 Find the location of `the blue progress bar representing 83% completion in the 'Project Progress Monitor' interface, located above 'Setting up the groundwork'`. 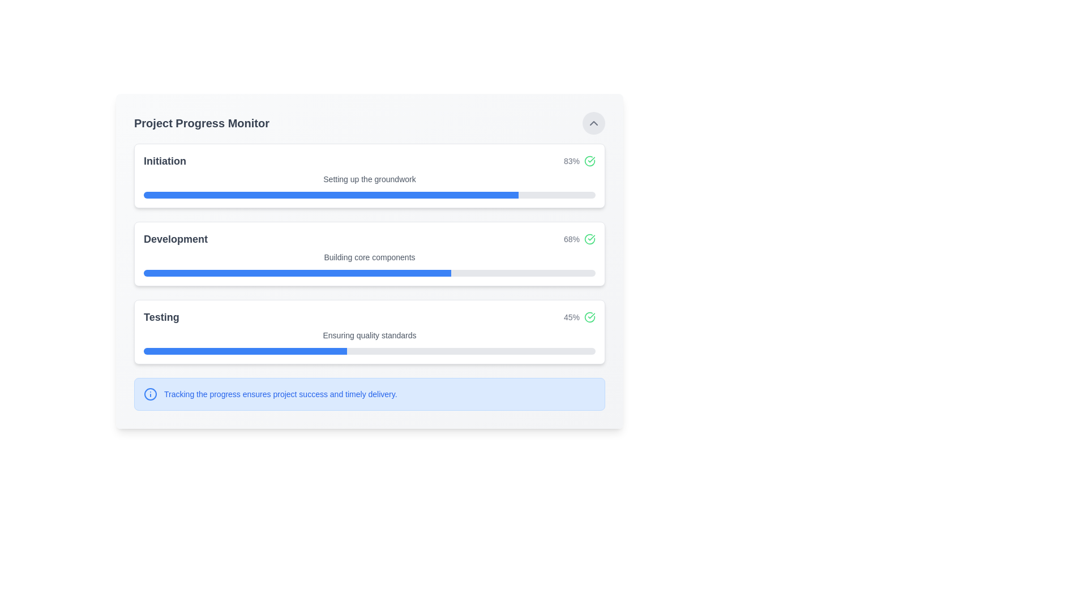

the blue progress bar representing 83% completion in the 'Project Progress Monitor' interface, located above 'Setting up the groundwork' is located at coordinates (331, 194).